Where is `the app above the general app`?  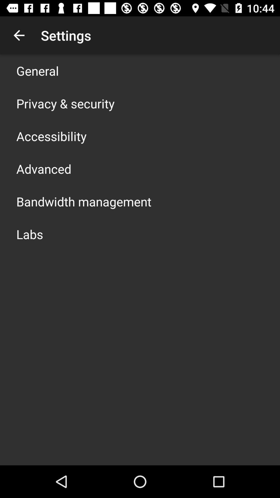
the app above the general app is located at coordinates (19, 35).